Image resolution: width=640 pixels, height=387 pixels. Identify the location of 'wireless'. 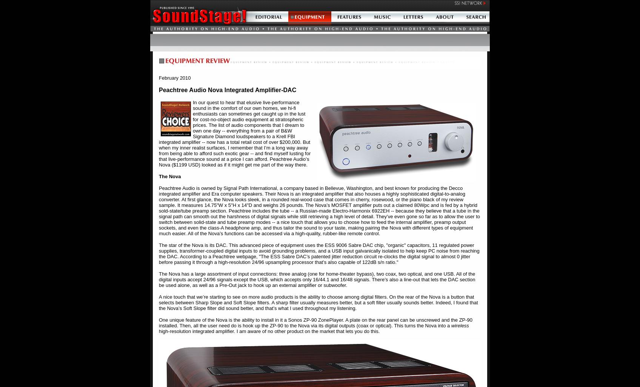
(451, 325).